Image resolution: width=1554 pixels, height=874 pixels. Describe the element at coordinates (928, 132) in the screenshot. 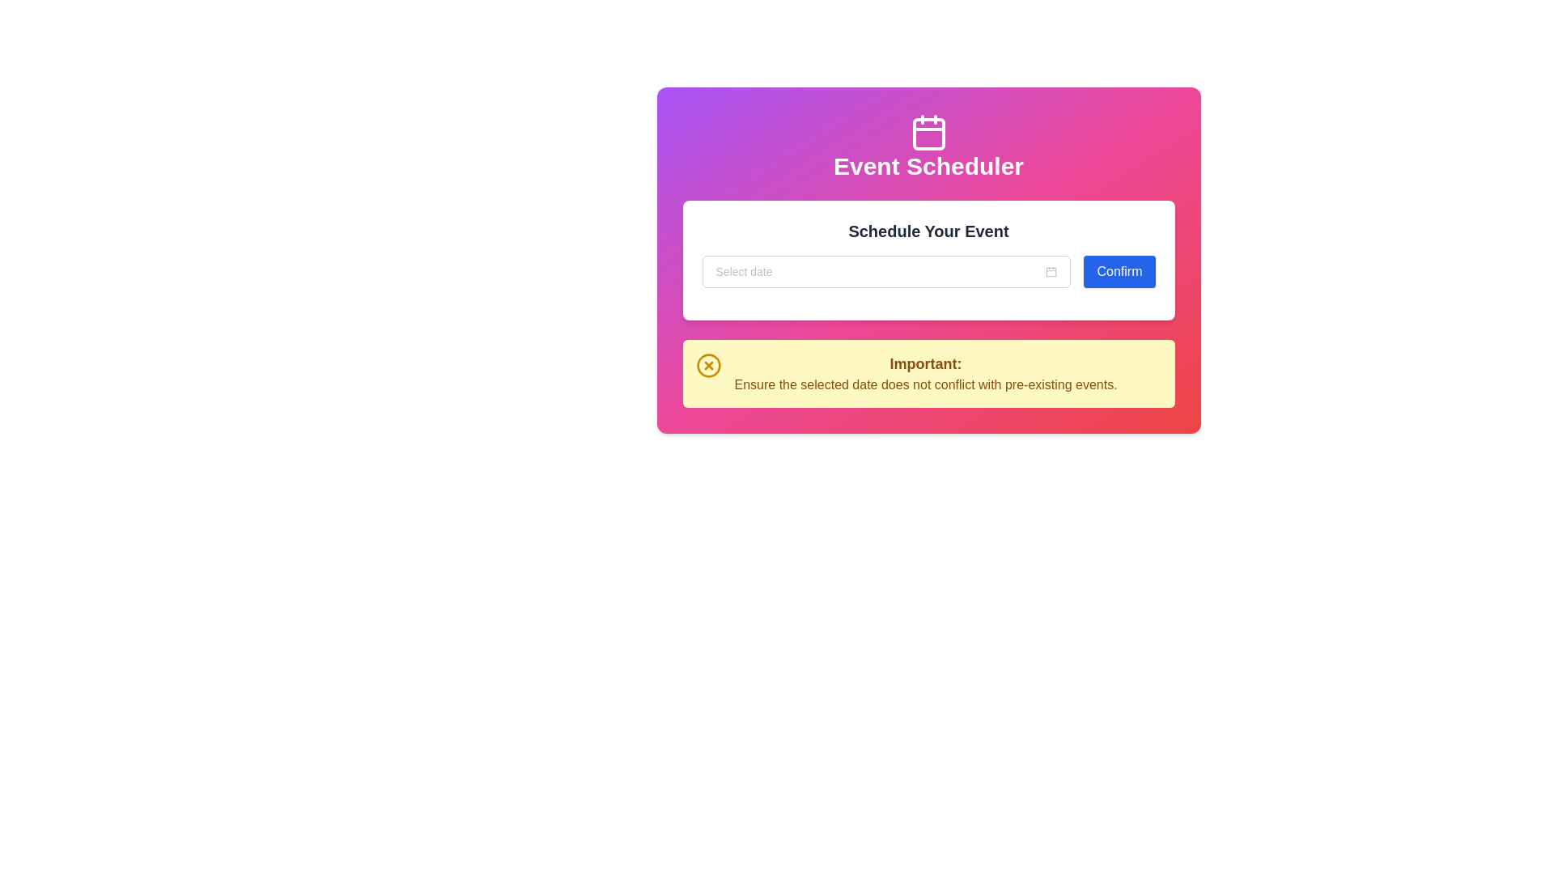

I see `the event scheduling icon, which is located at the top-center of the interface above the 'Event Scheduler' text label` at that location.